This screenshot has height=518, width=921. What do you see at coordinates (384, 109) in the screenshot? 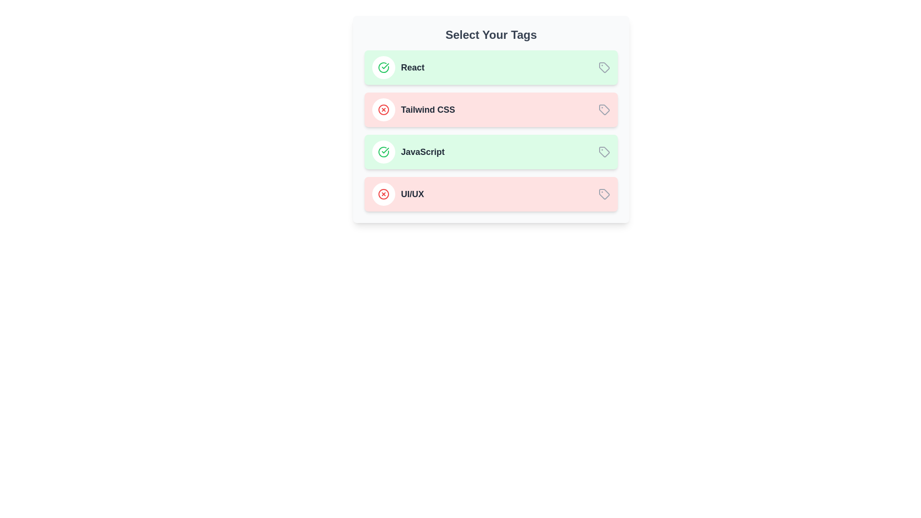
I see `the remove button for the 'Tailwind CSS' tag, which is located to the left of the 'Tailwind CSS' label in the second row of the tags list` at bounding box center [384, 109].